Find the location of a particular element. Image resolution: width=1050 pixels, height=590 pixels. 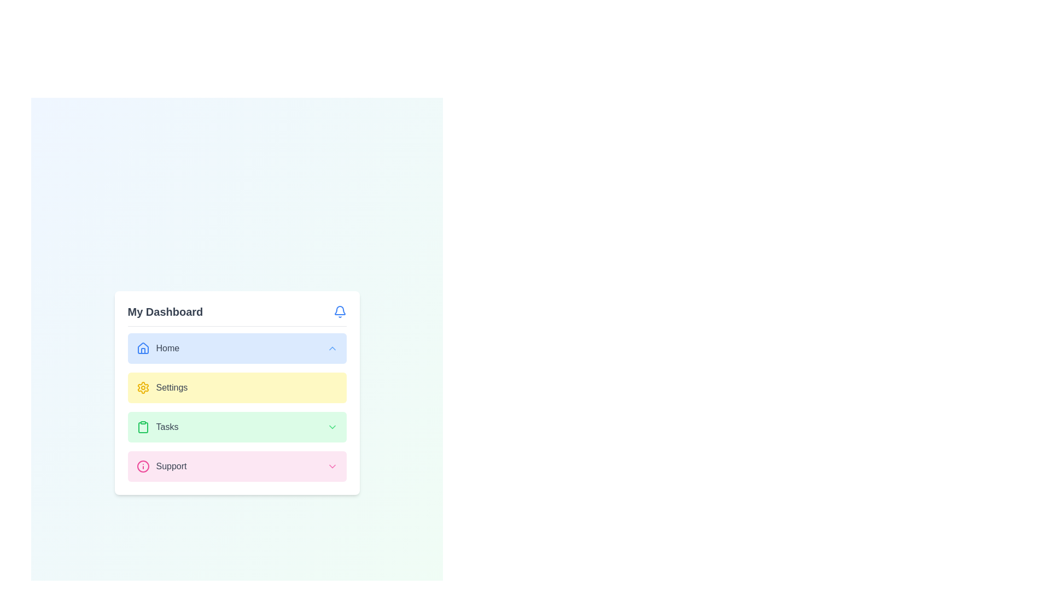

the navigation option represented by a text and icon pair located at the top of the dashboard interface is located at coordinates (157, 348).